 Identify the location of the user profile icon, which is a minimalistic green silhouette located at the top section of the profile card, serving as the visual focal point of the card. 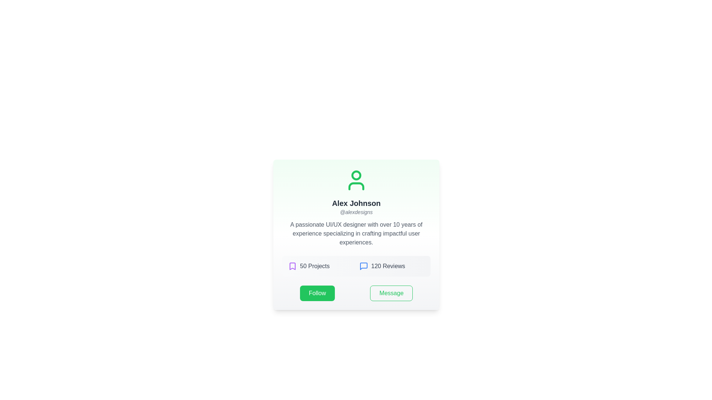
(356, 180).